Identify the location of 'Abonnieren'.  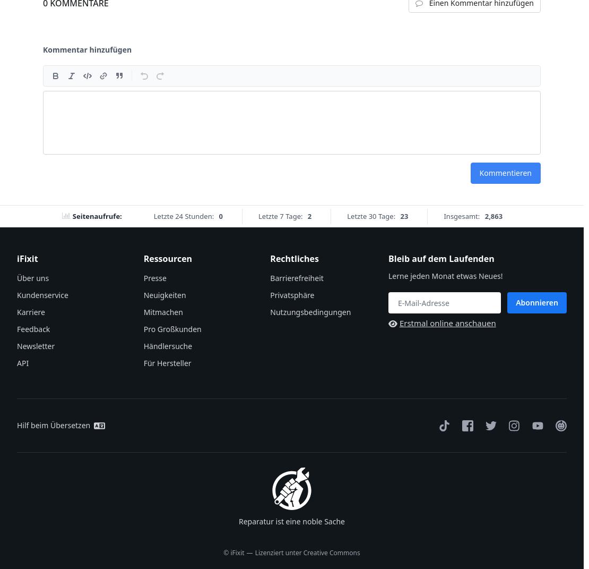
(536, 302).